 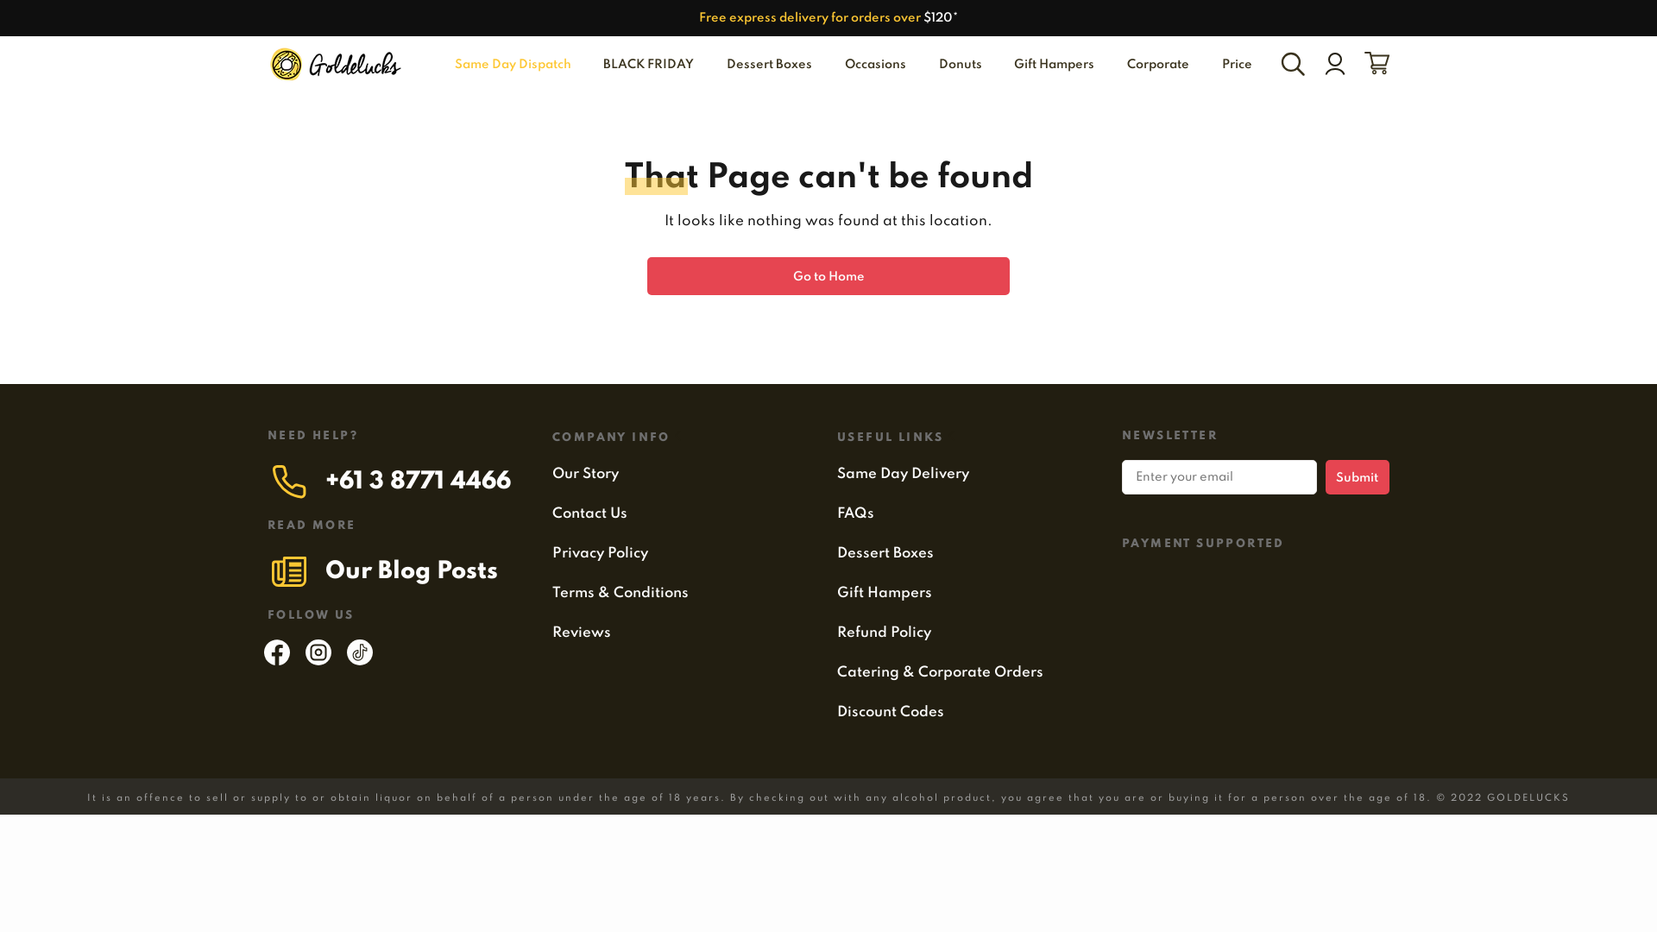 I want to click on 'Reviews', so click(x=581, y=632).